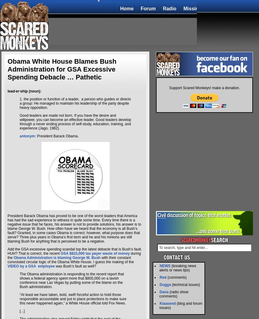 The height and width of the screenshot is (319, 259). I want to click on 'NEWS', so click(160, 266).